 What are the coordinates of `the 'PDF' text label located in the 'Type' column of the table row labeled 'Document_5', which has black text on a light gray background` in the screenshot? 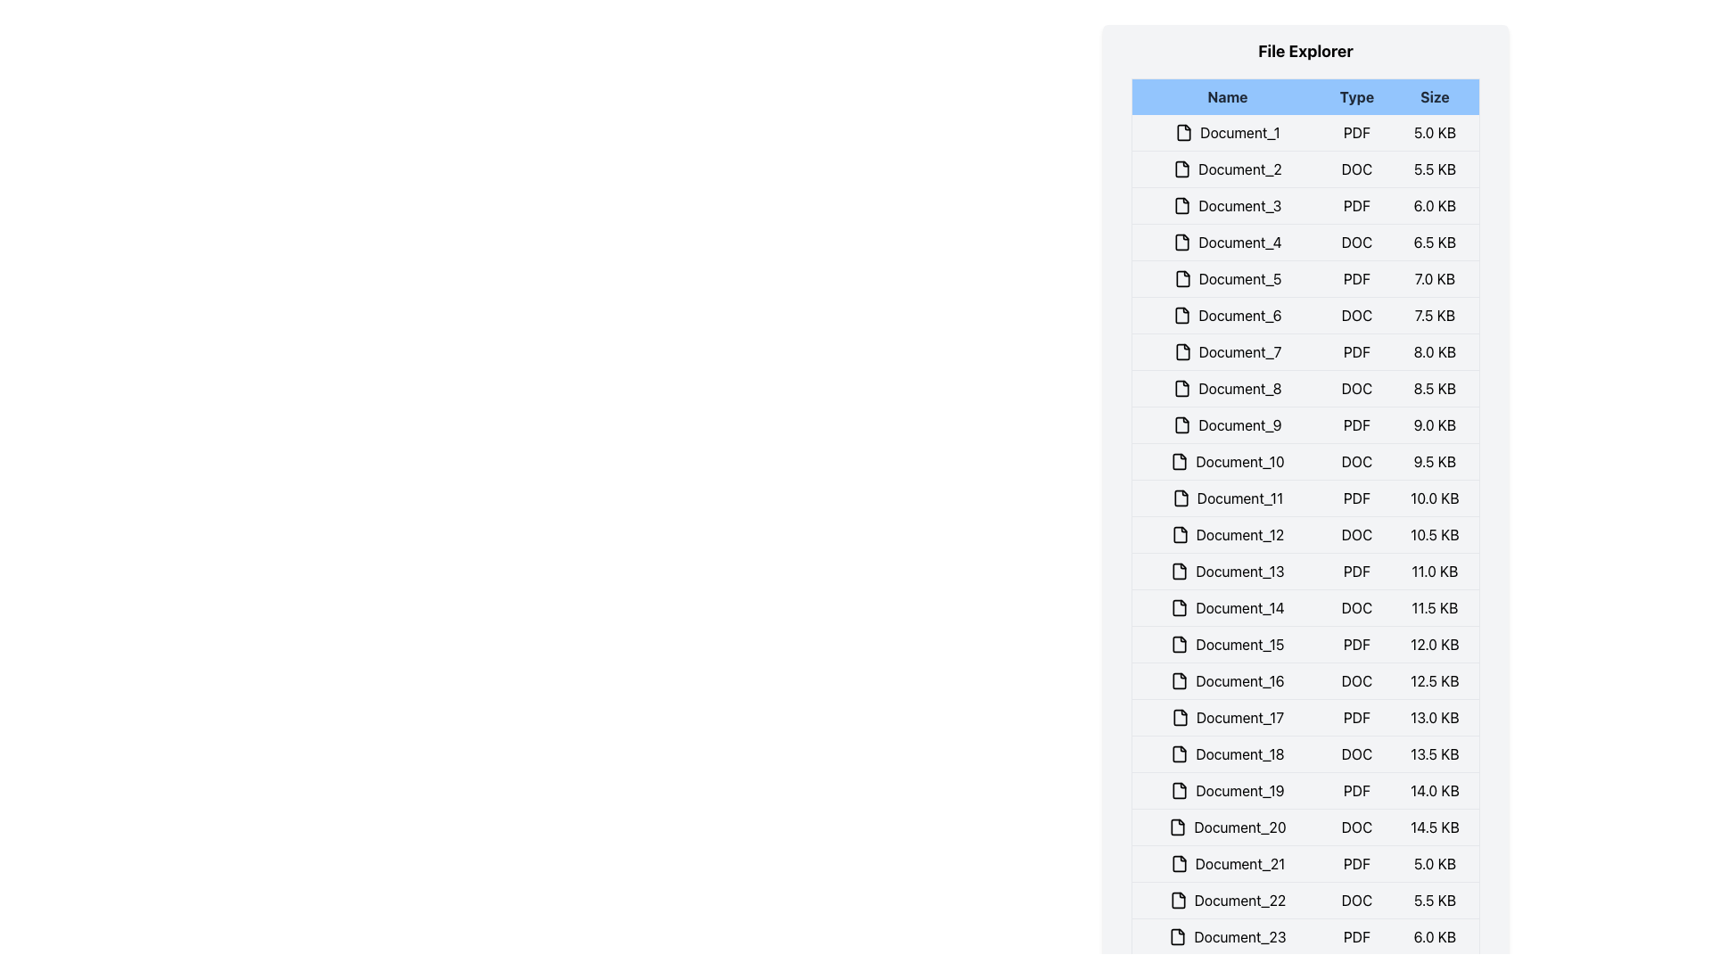 It's located at (1355, 278).